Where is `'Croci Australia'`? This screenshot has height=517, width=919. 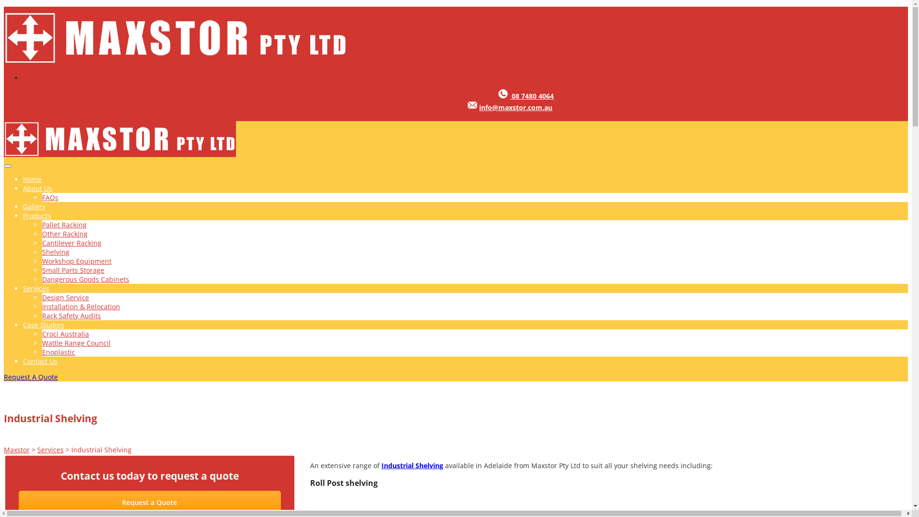
'Croci Australia' is located at coordinates (65, 333).